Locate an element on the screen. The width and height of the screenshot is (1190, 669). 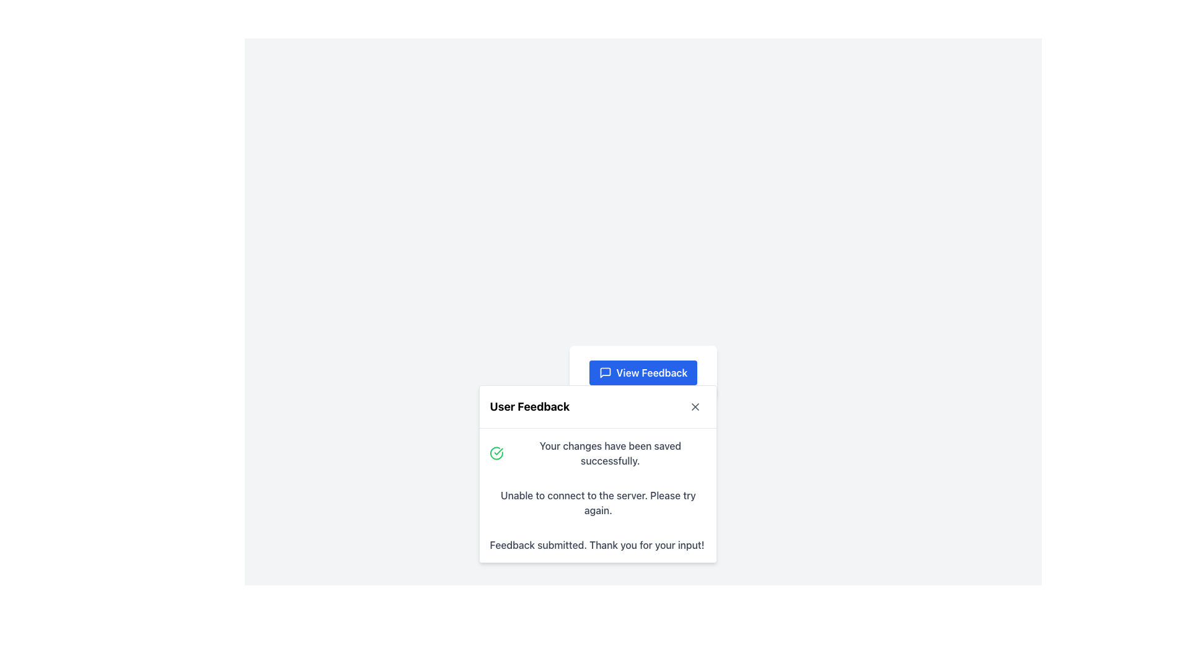
the small gray cross icon located at the top-right corner of the 'User Feedback' modal dialog, represented by two intersecting diagonal lines forming an 'X' shape is located at coordinates (695, 406).